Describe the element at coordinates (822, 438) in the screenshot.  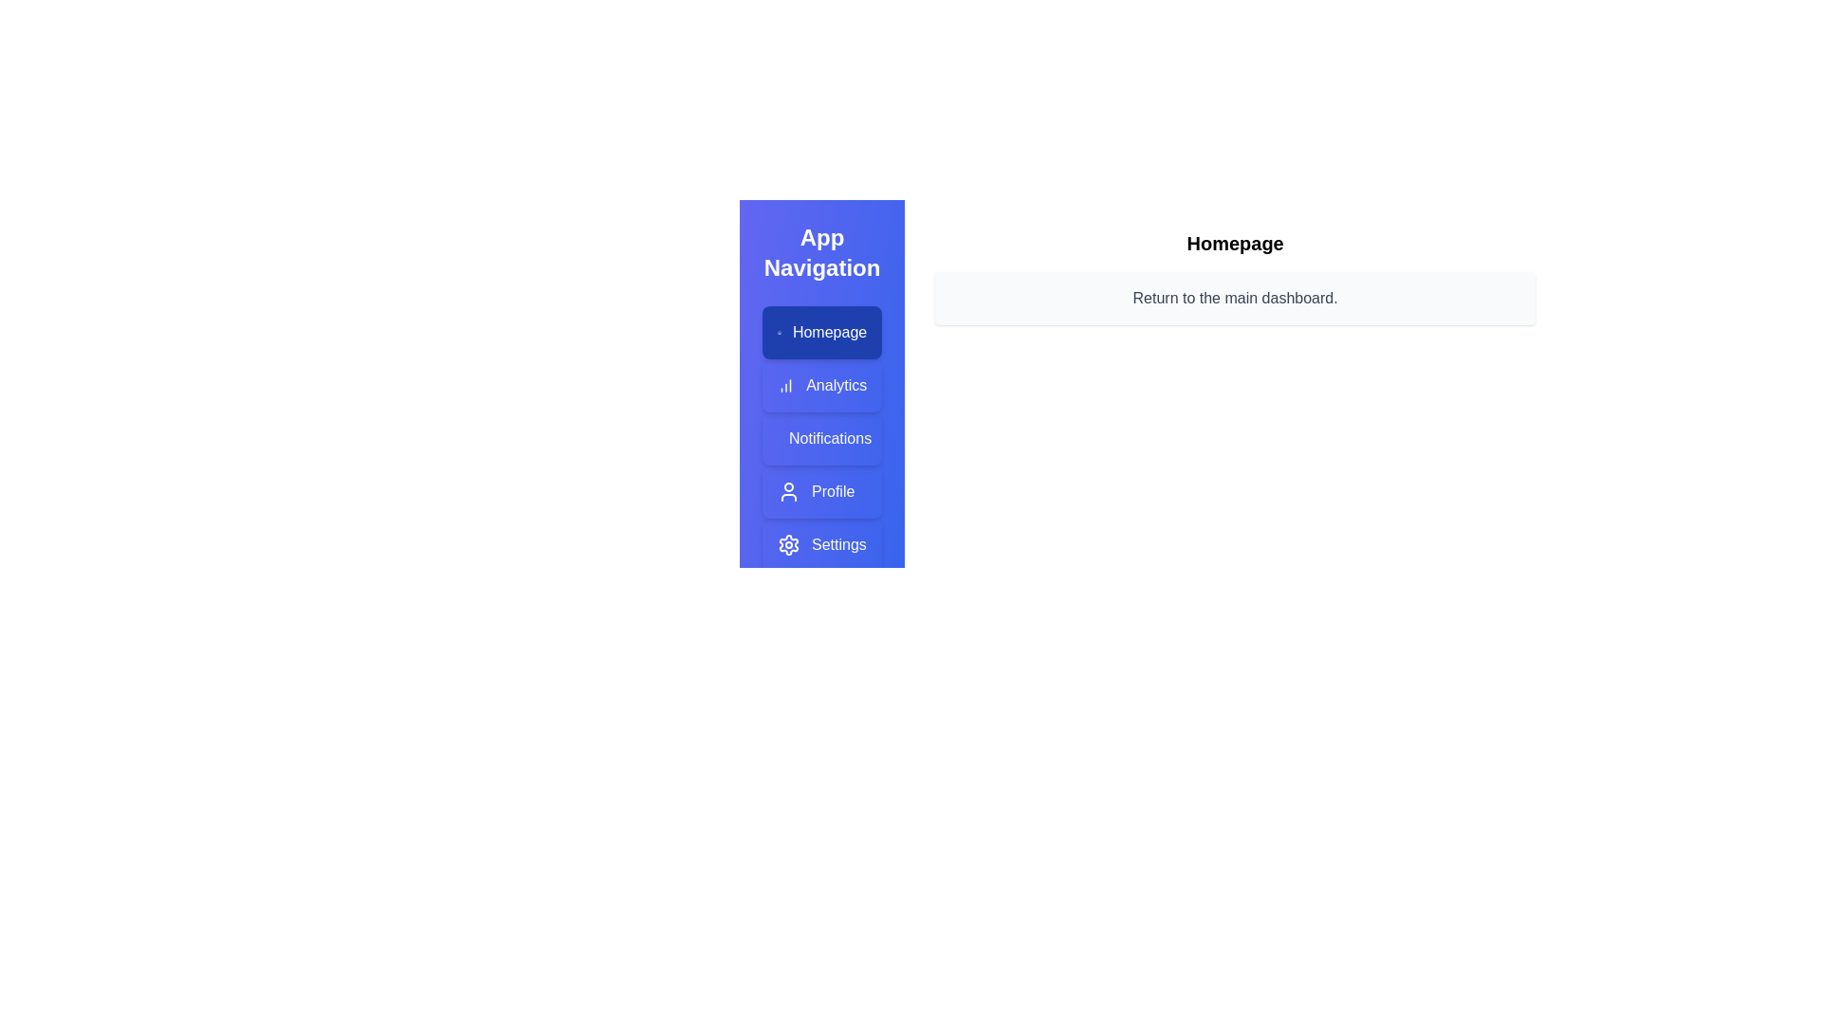
I see `the navigation button for notifications located in the vertical menu, positioned below the 'Analytics' option and above the 'Profile' option, to activate its styles` at that location.